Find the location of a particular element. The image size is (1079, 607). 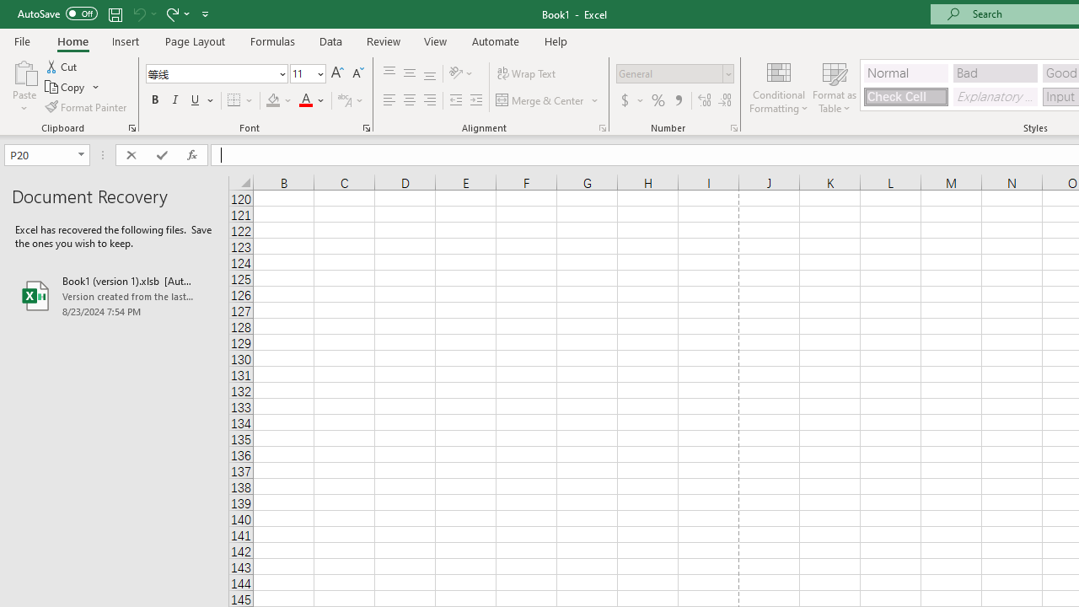

'Merge & Center' is located at coordinates (548, 100).